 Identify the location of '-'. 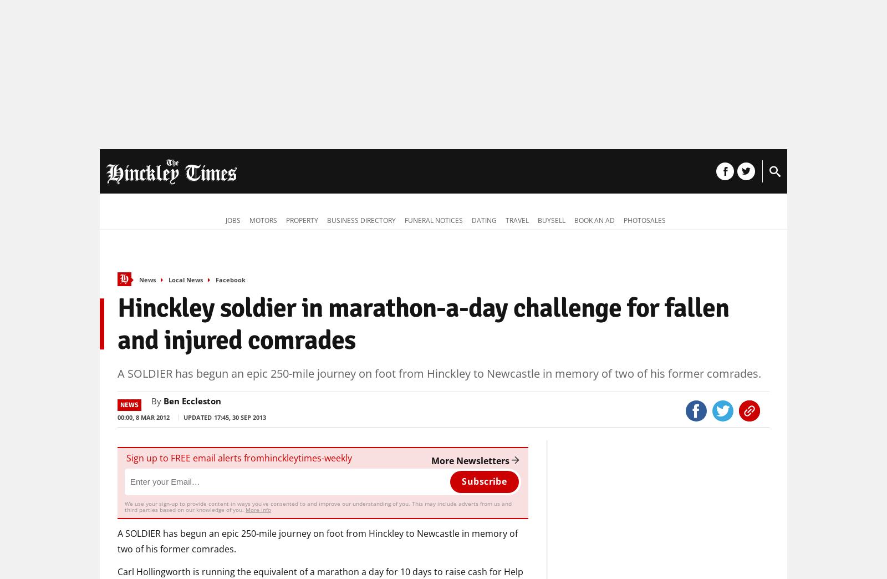
(321, 458).